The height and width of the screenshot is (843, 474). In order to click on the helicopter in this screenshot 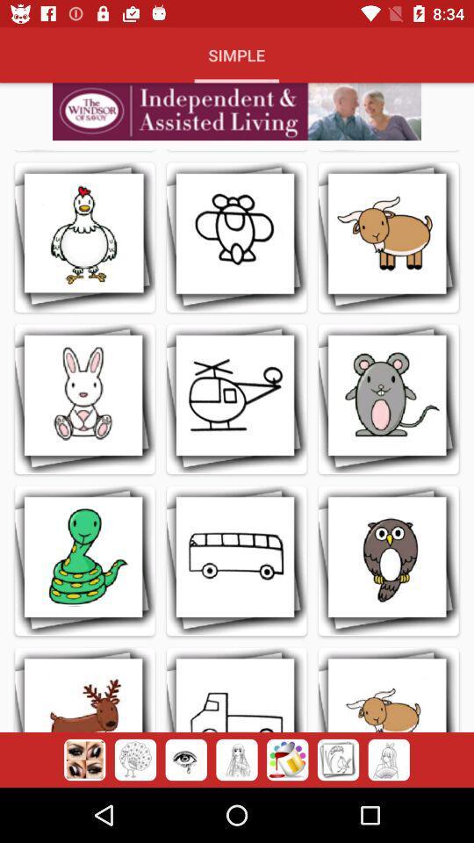, I will do `click(237, 399)`.